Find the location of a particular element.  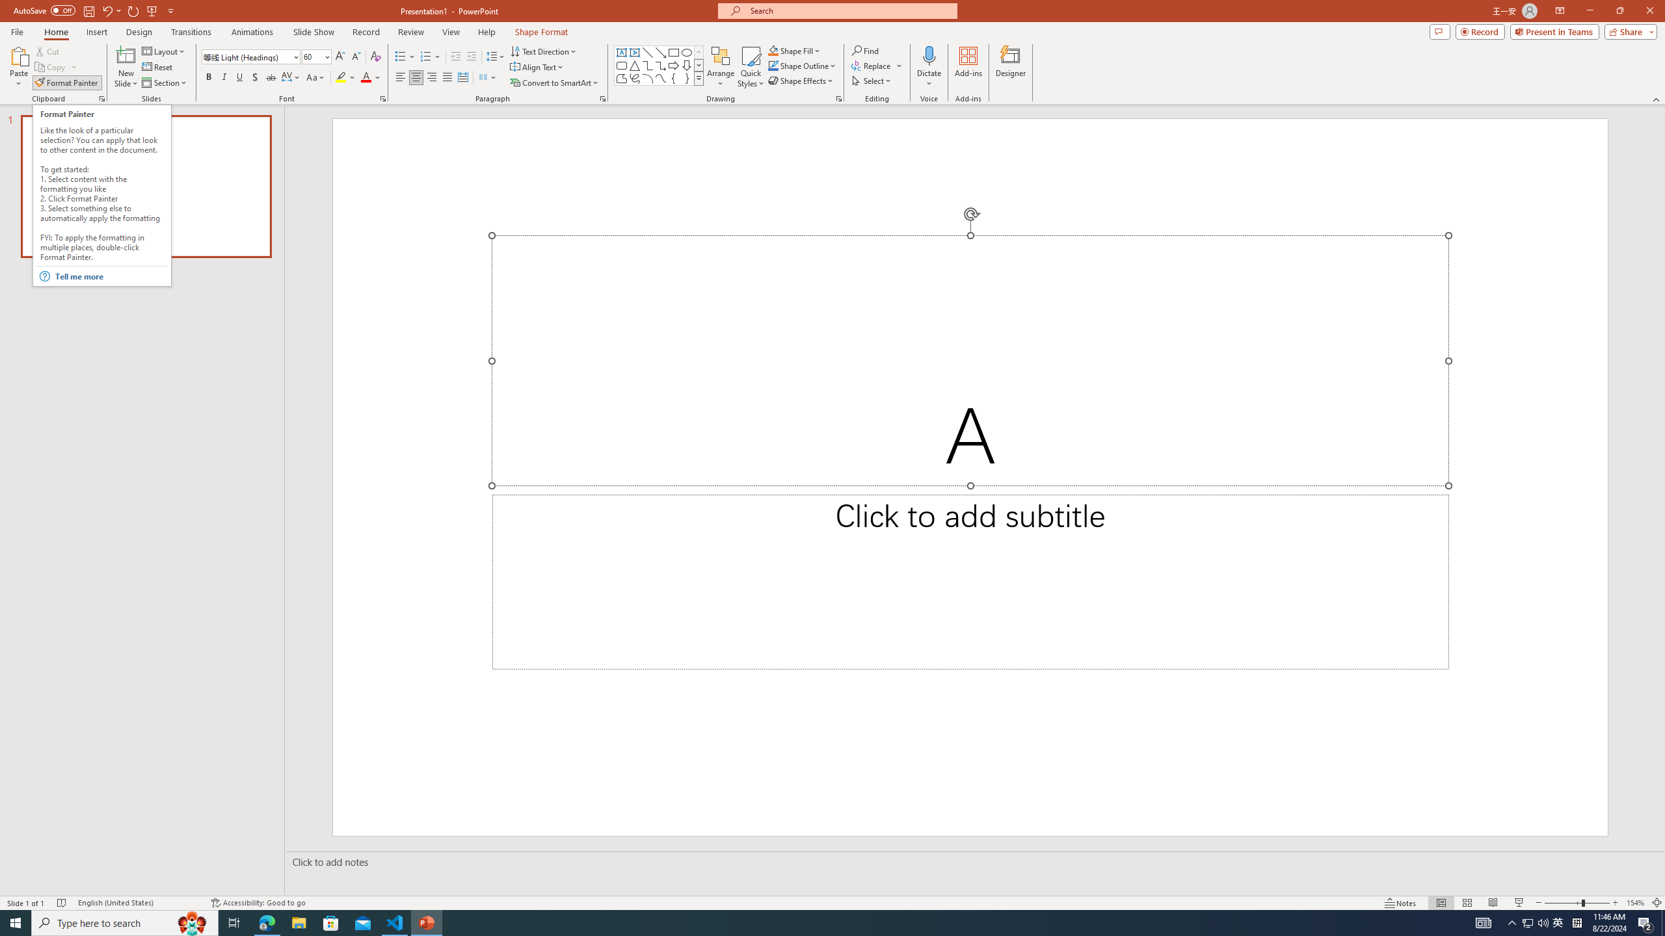

'Find...' is located at coordinates (865, 50).